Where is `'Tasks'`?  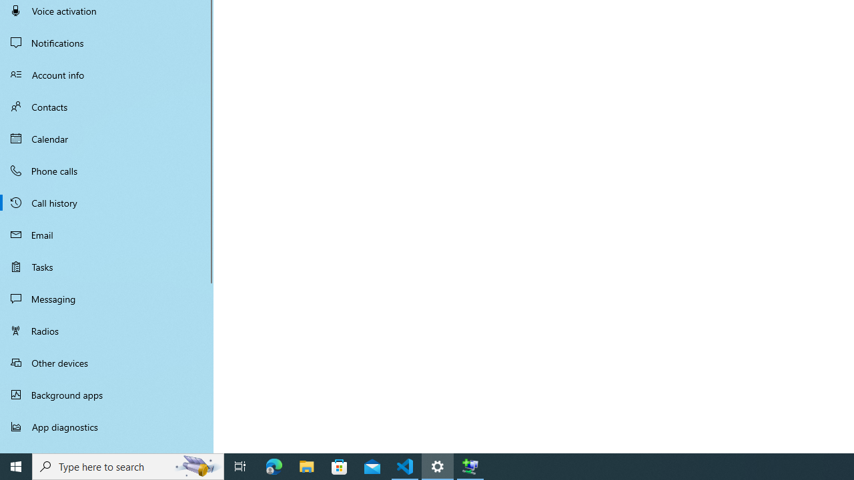
'Tasks' is located at coordinates (107, 266).